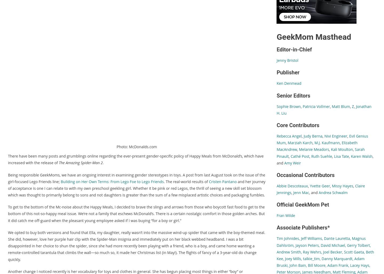 Image resolution: width=384 pixels, height=274 pixels. Describe the element at coordinates (288, 72) in the screenshot. I see `'Publisher'` at that location.